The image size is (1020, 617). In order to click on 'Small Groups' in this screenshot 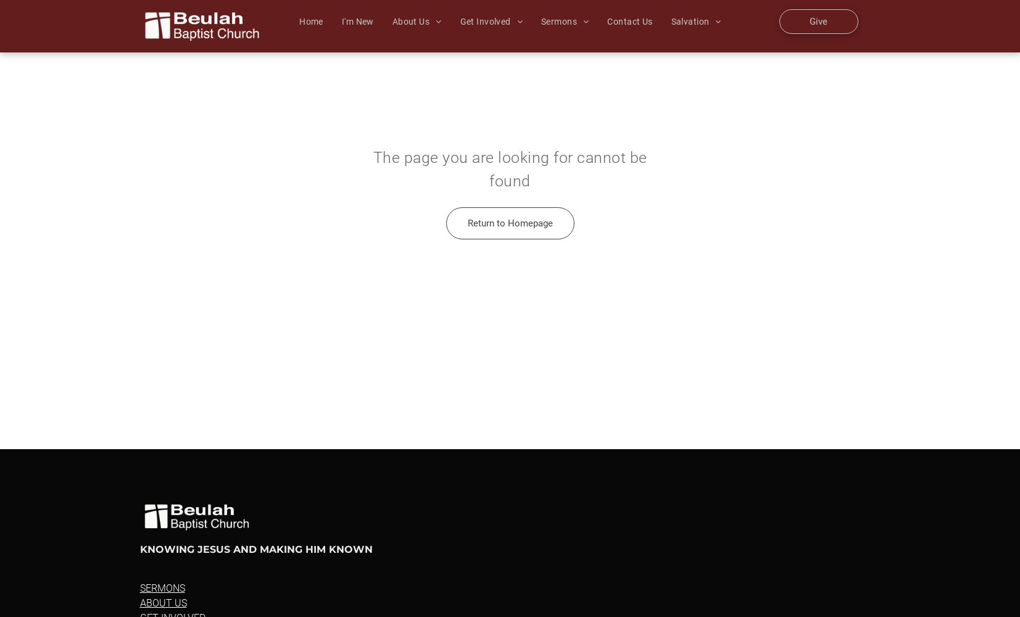, I will do `click(497, 38)`.